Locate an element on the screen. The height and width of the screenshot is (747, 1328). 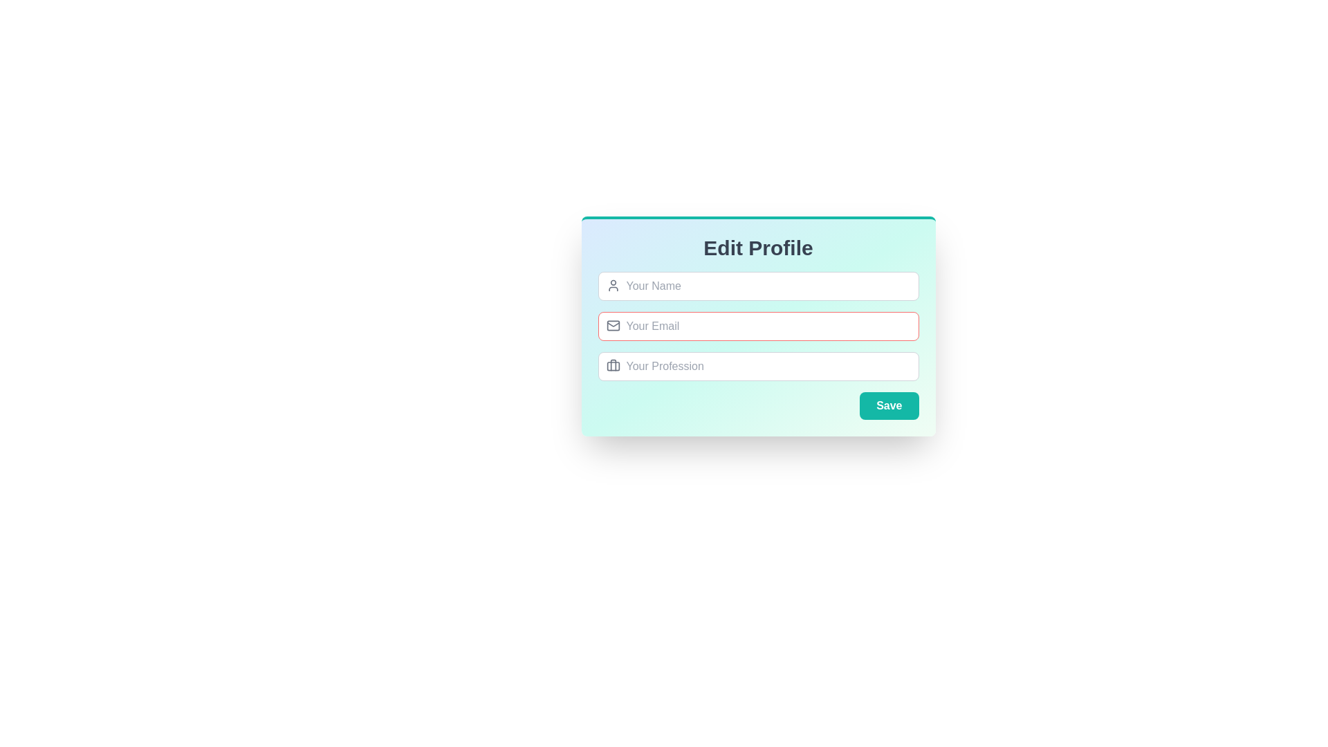
the email icon that is located inside the 'Your Email' input field, which is the second in a vertical list of three input fields is located at coordinates (612, 325).